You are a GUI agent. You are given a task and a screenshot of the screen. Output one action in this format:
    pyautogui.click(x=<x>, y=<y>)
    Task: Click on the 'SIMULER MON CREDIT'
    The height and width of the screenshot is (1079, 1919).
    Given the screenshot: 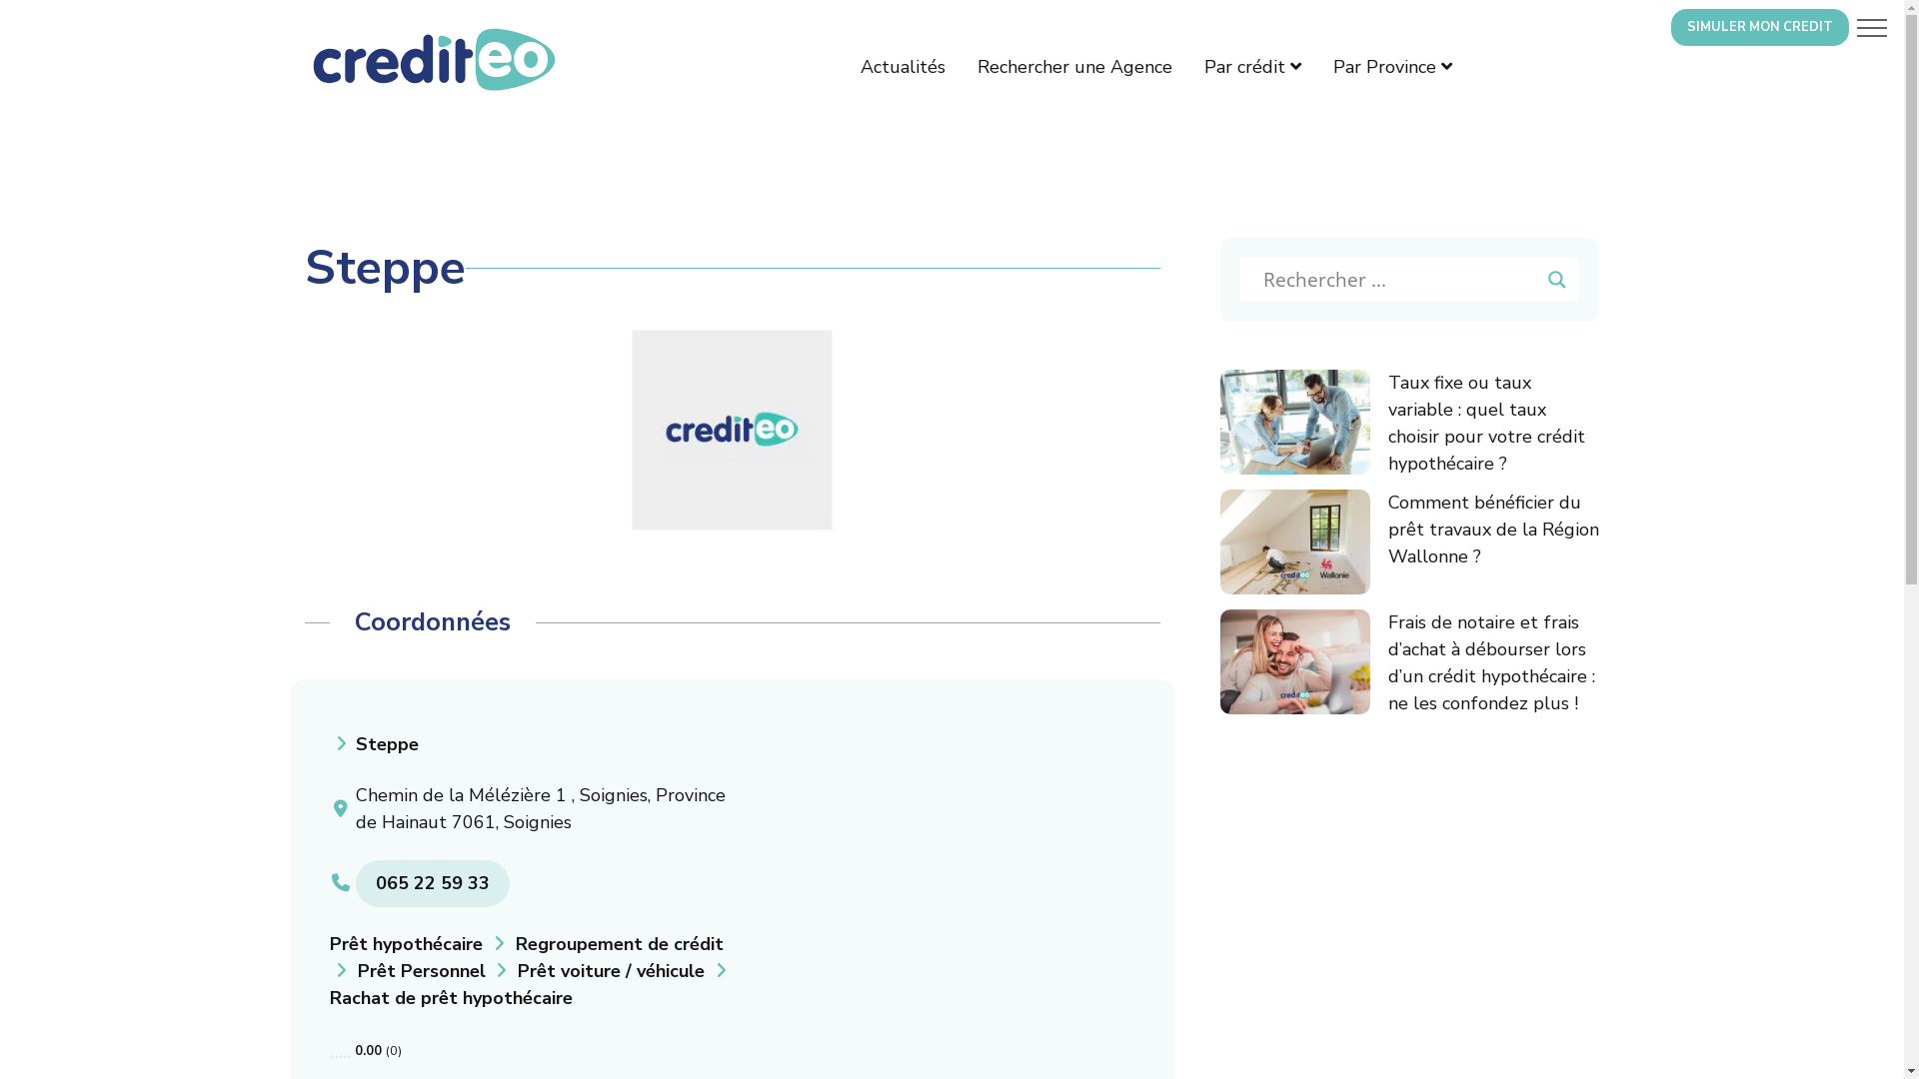 What is the action you would take?
    pyautogui.click(x=1760, y=27)
    